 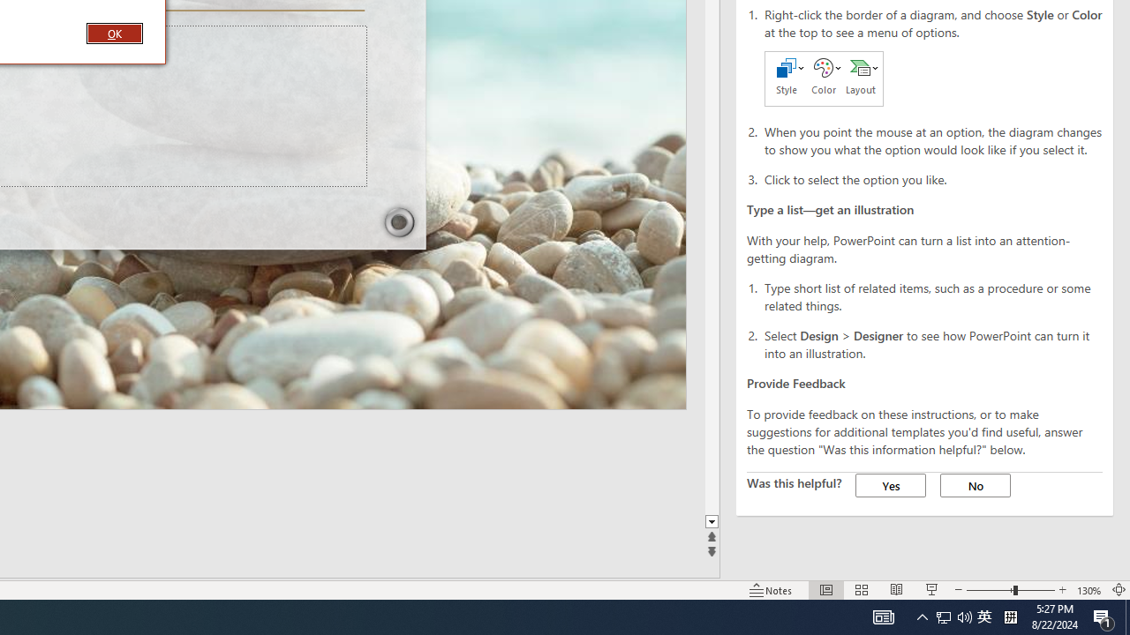 I want to click on 'Yes', so click(x=891, y=485).